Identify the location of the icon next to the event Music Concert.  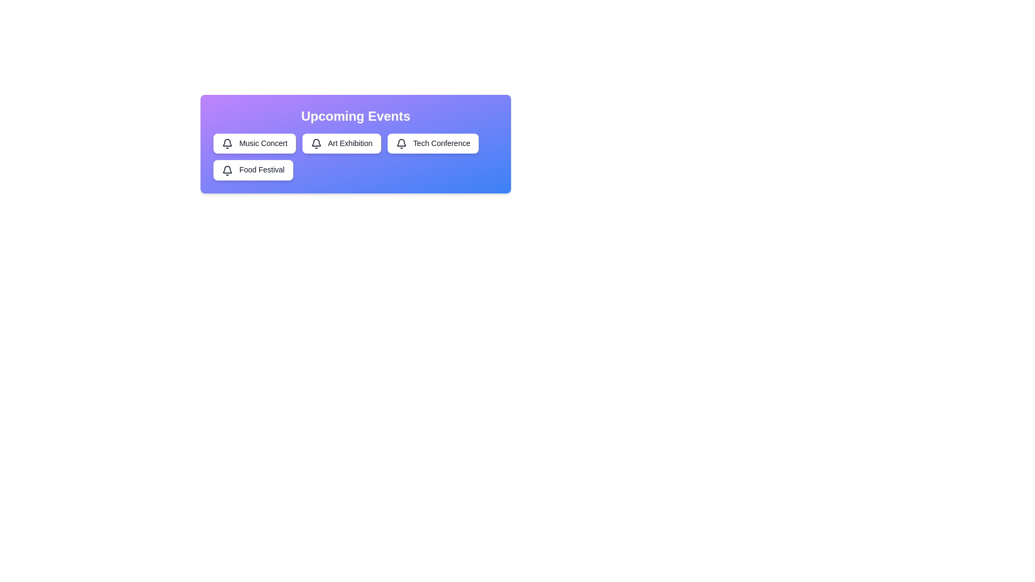
(227, 143).